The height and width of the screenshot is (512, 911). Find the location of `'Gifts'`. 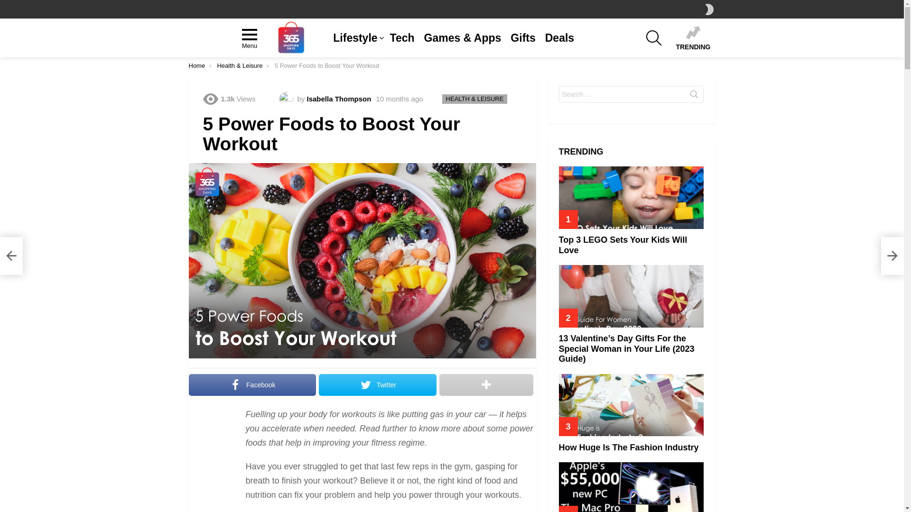

'Gifts' is located at coordinates (505, 37).